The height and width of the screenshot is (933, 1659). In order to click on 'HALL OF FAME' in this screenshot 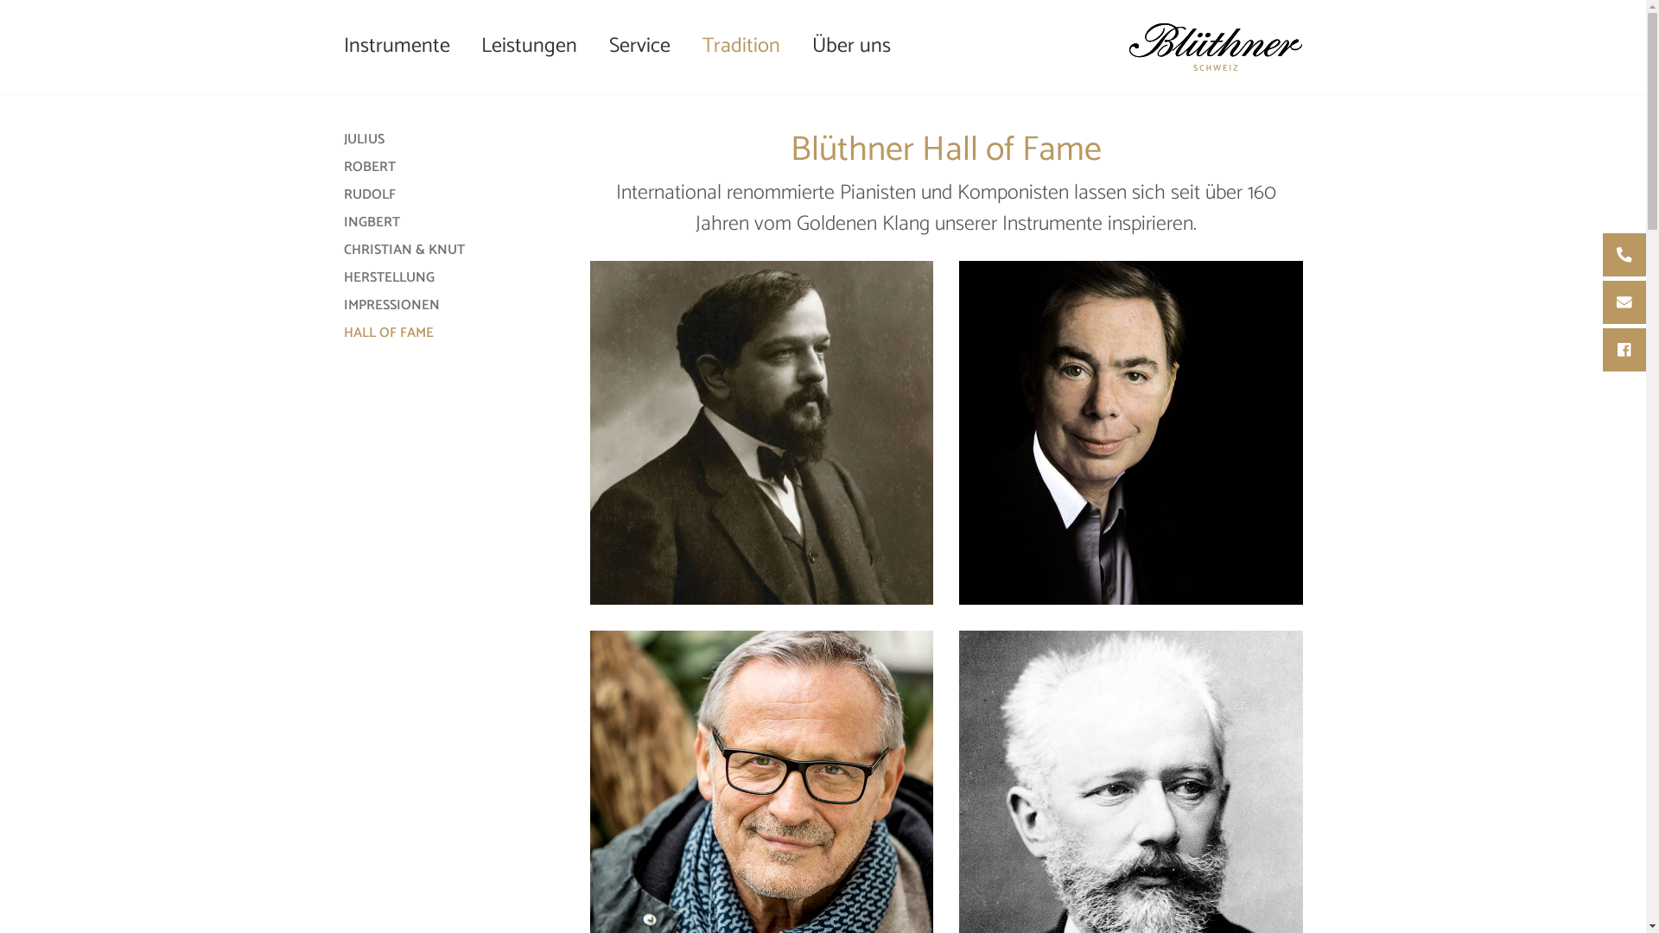, I will do `click(388, 333)`.